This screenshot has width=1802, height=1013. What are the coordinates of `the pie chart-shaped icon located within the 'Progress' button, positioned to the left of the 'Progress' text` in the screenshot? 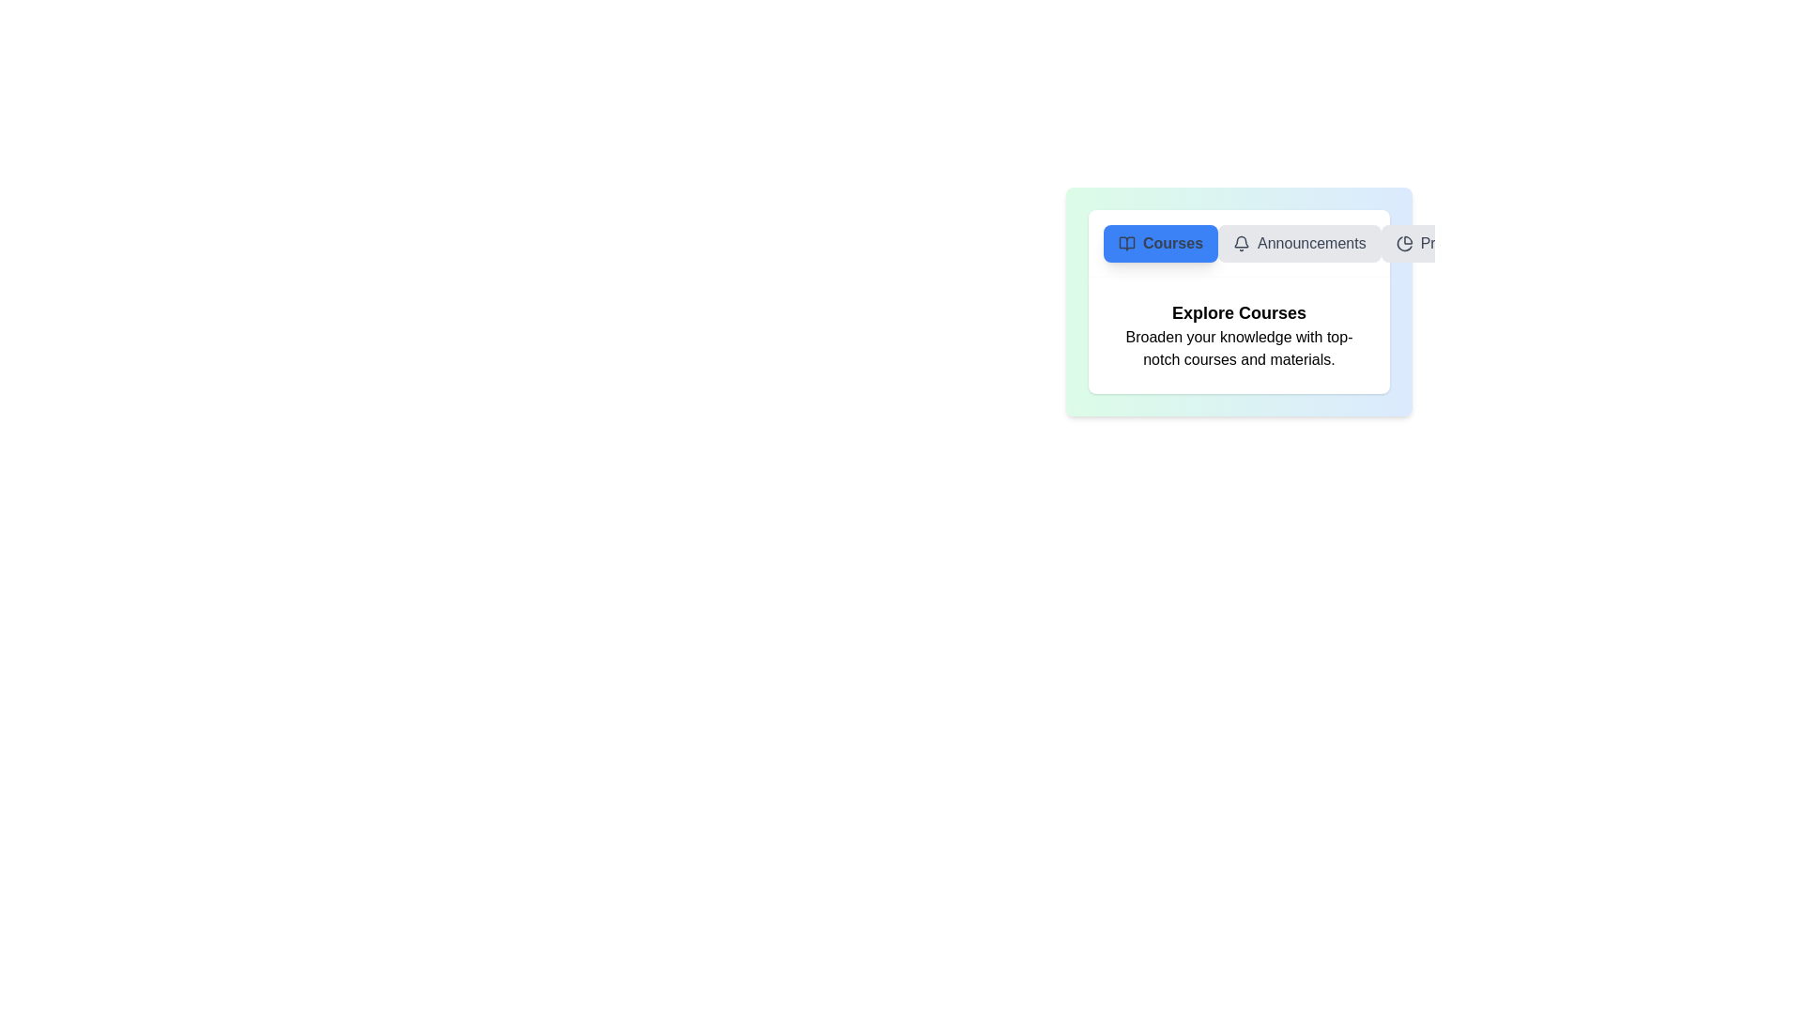 It's located at (1404, 242).